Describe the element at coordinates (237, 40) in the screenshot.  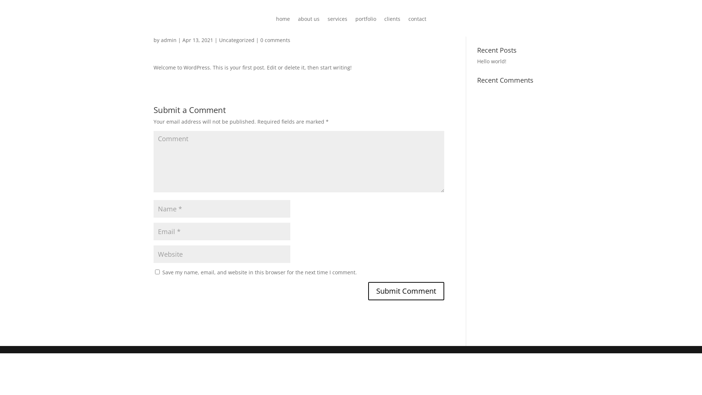
I see `'Uncategorized'` at that location.